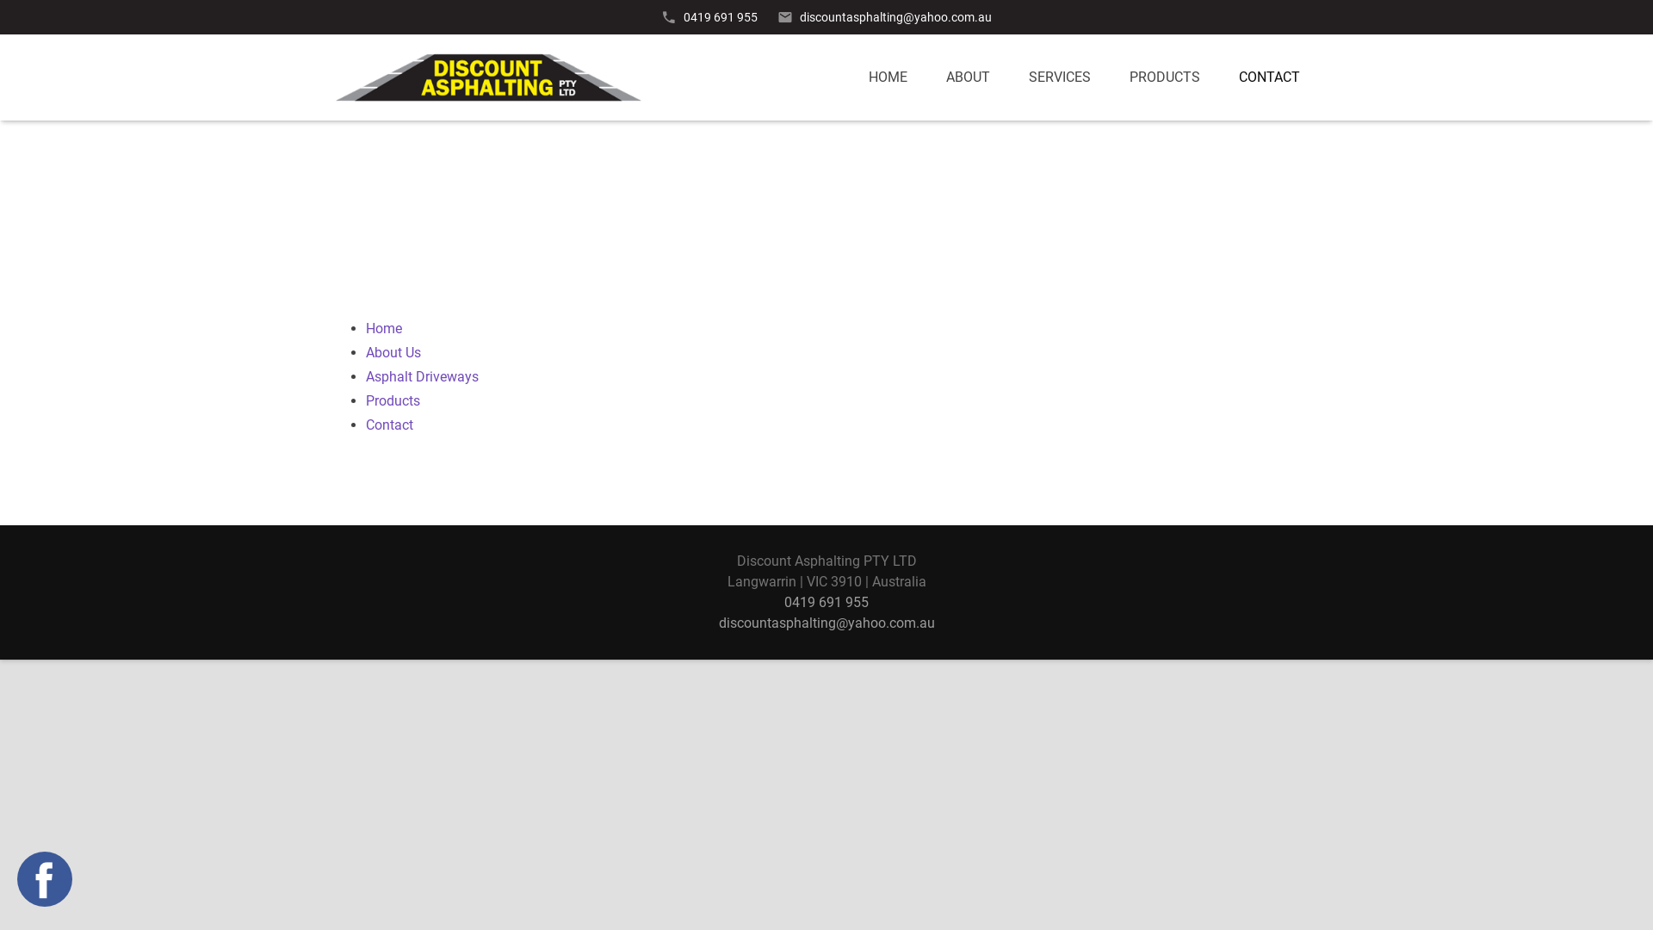  What do you see at coordinates (365, 375) in the screenshot?
I see `'Asphalt Driveways'` at bounding box center [365, 375].